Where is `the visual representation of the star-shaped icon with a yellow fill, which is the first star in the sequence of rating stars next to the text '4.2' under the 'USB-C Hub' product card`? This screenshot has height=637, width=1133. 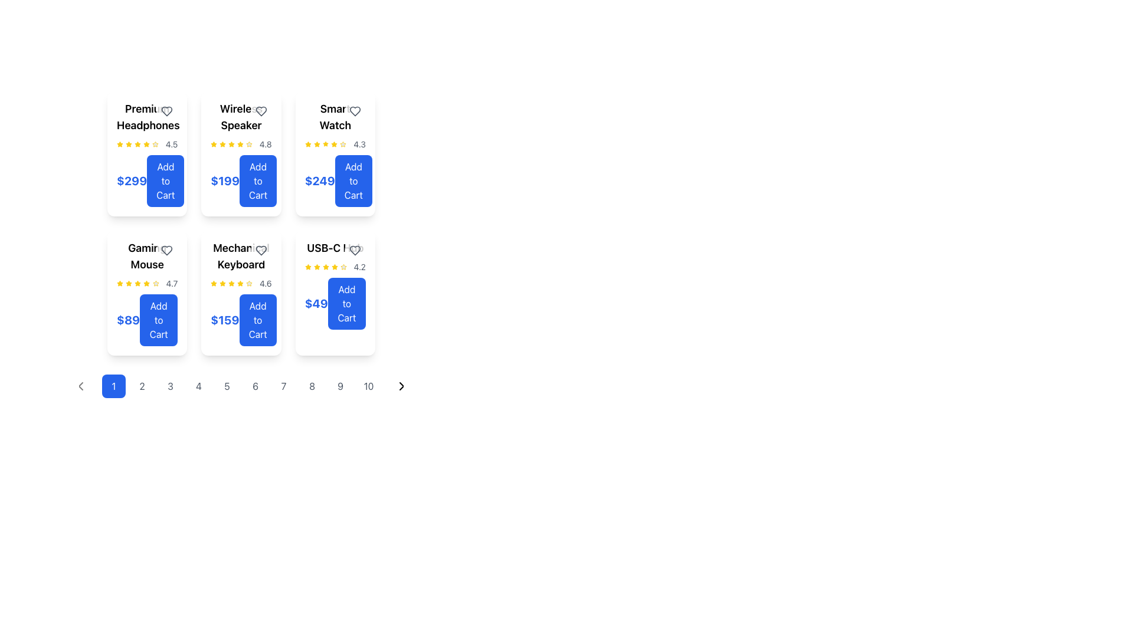 the visual representation of the star-shaped icon with a yellow fill, which is the first star in the sequence of rating stars next to the text '4.2' under the 'USB-C Hub' product card is located at coordinates (308, 267).